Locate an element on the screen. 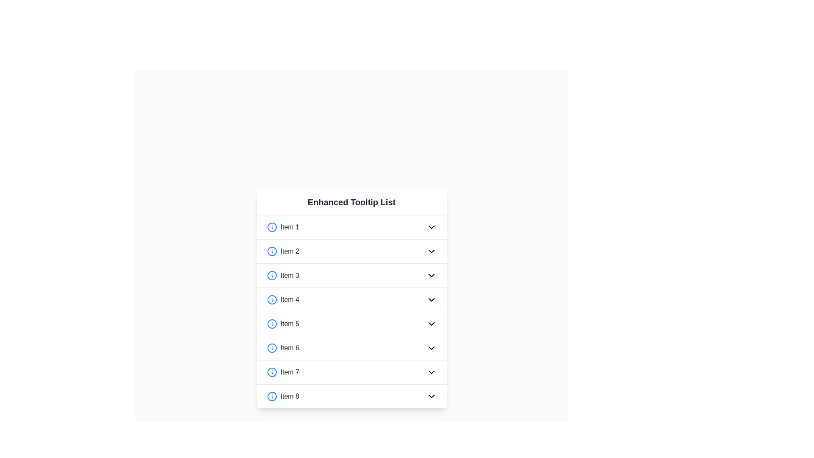 Image resolution: width=814 pixels, height=458 pixels. the circular icon adjacent to the text 'Item 6' in the 'Enhanced Tooltip List' is located at coordinates (283, 348).